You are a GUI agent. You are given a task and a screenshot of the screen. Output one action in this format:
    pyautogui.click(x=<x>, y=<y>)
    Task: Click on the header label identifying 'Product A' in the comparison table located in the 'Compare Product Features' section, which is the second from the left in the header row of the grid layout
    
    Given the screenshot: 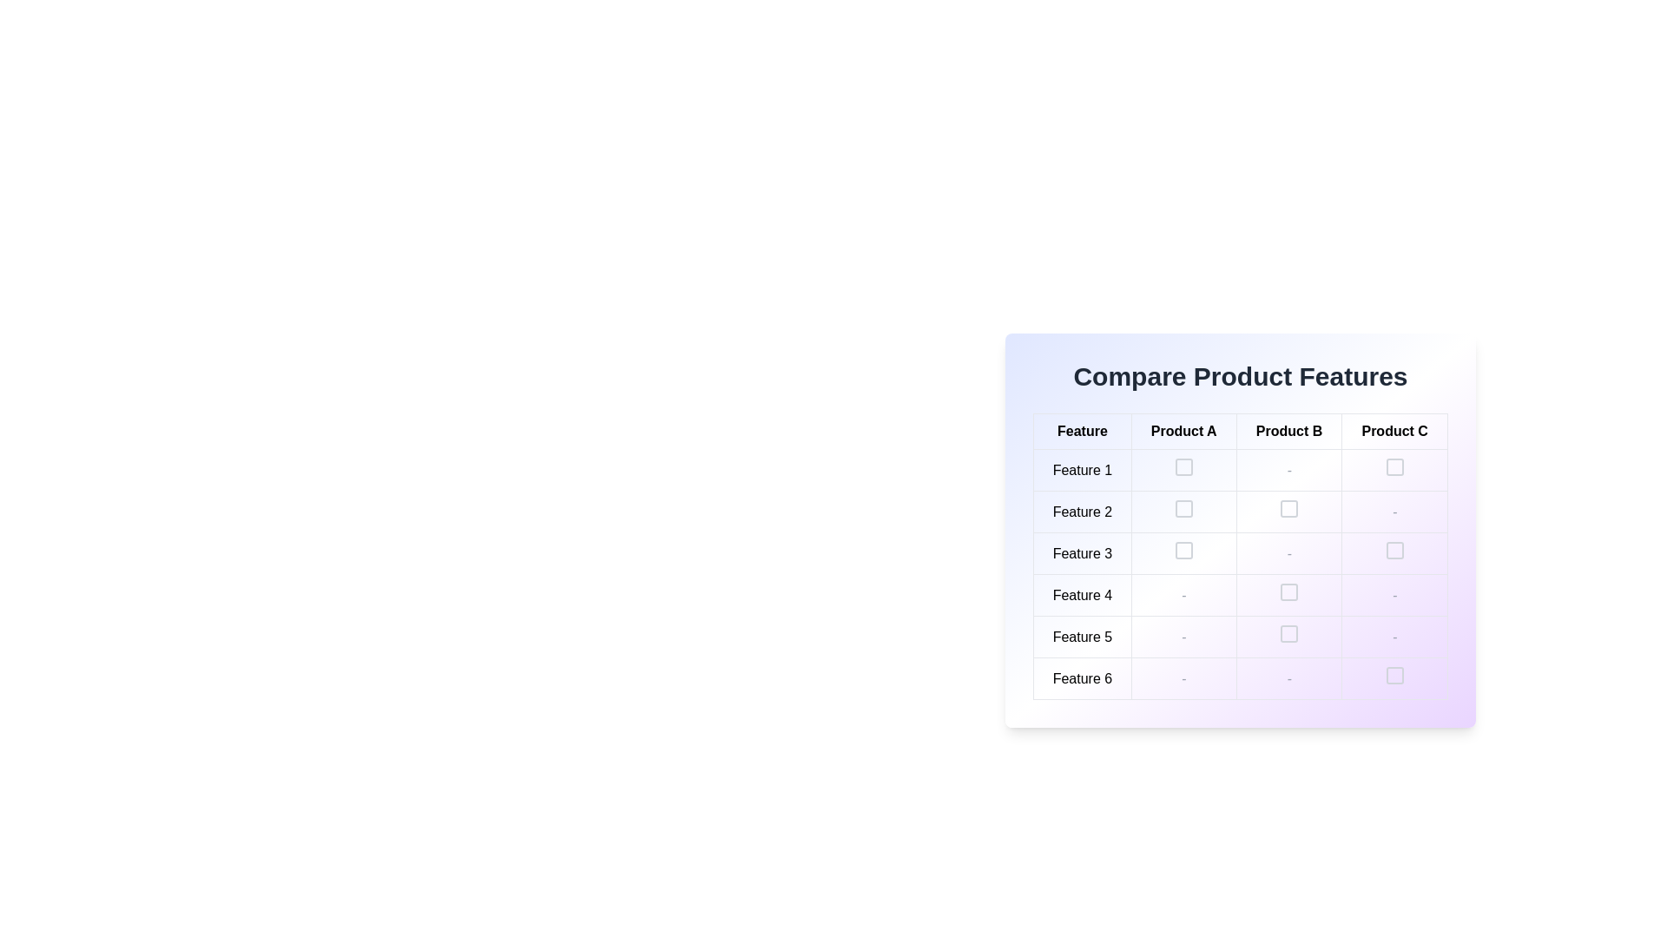 What is the action you would take?
    pyautogui.click(x=1183, y=431)
    